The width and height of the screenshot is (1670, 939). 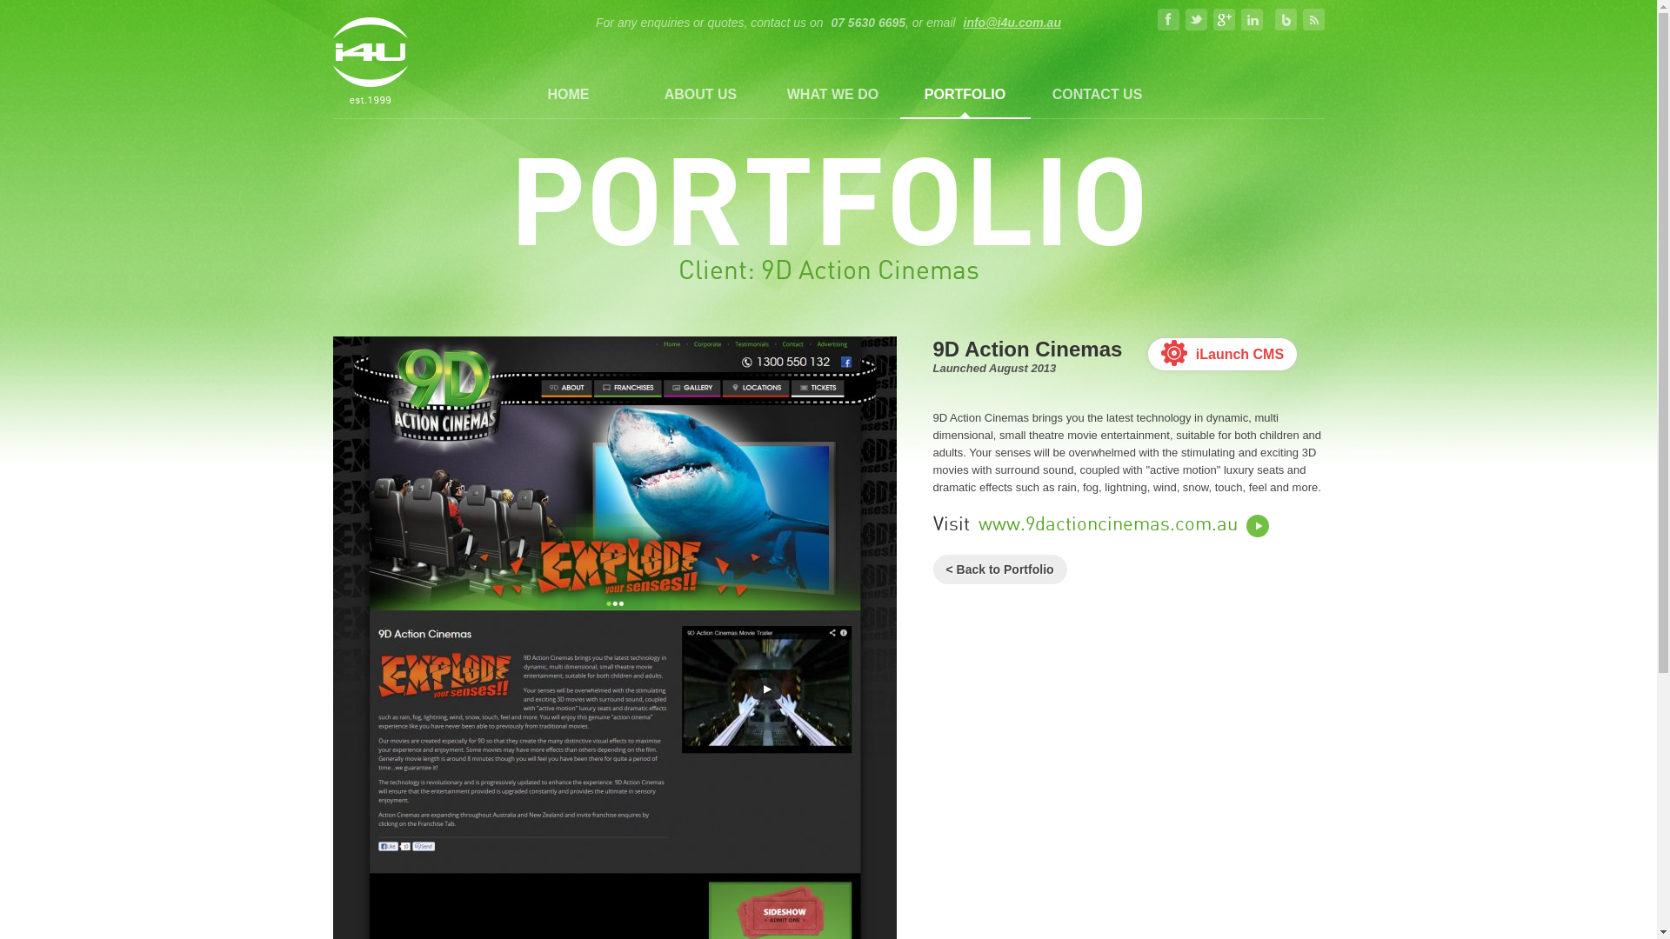 I want to click on 'Blog', so click(x=1286, y=19).